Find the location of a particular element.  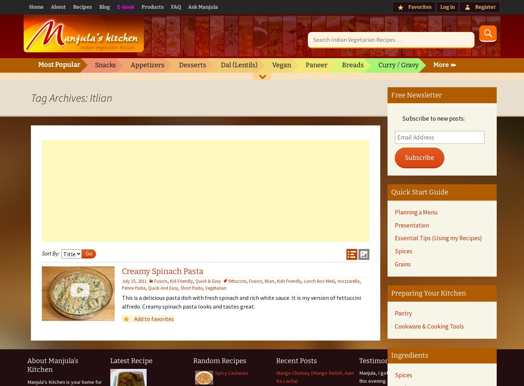

'Favorites' is located at coordinates (420, 7).